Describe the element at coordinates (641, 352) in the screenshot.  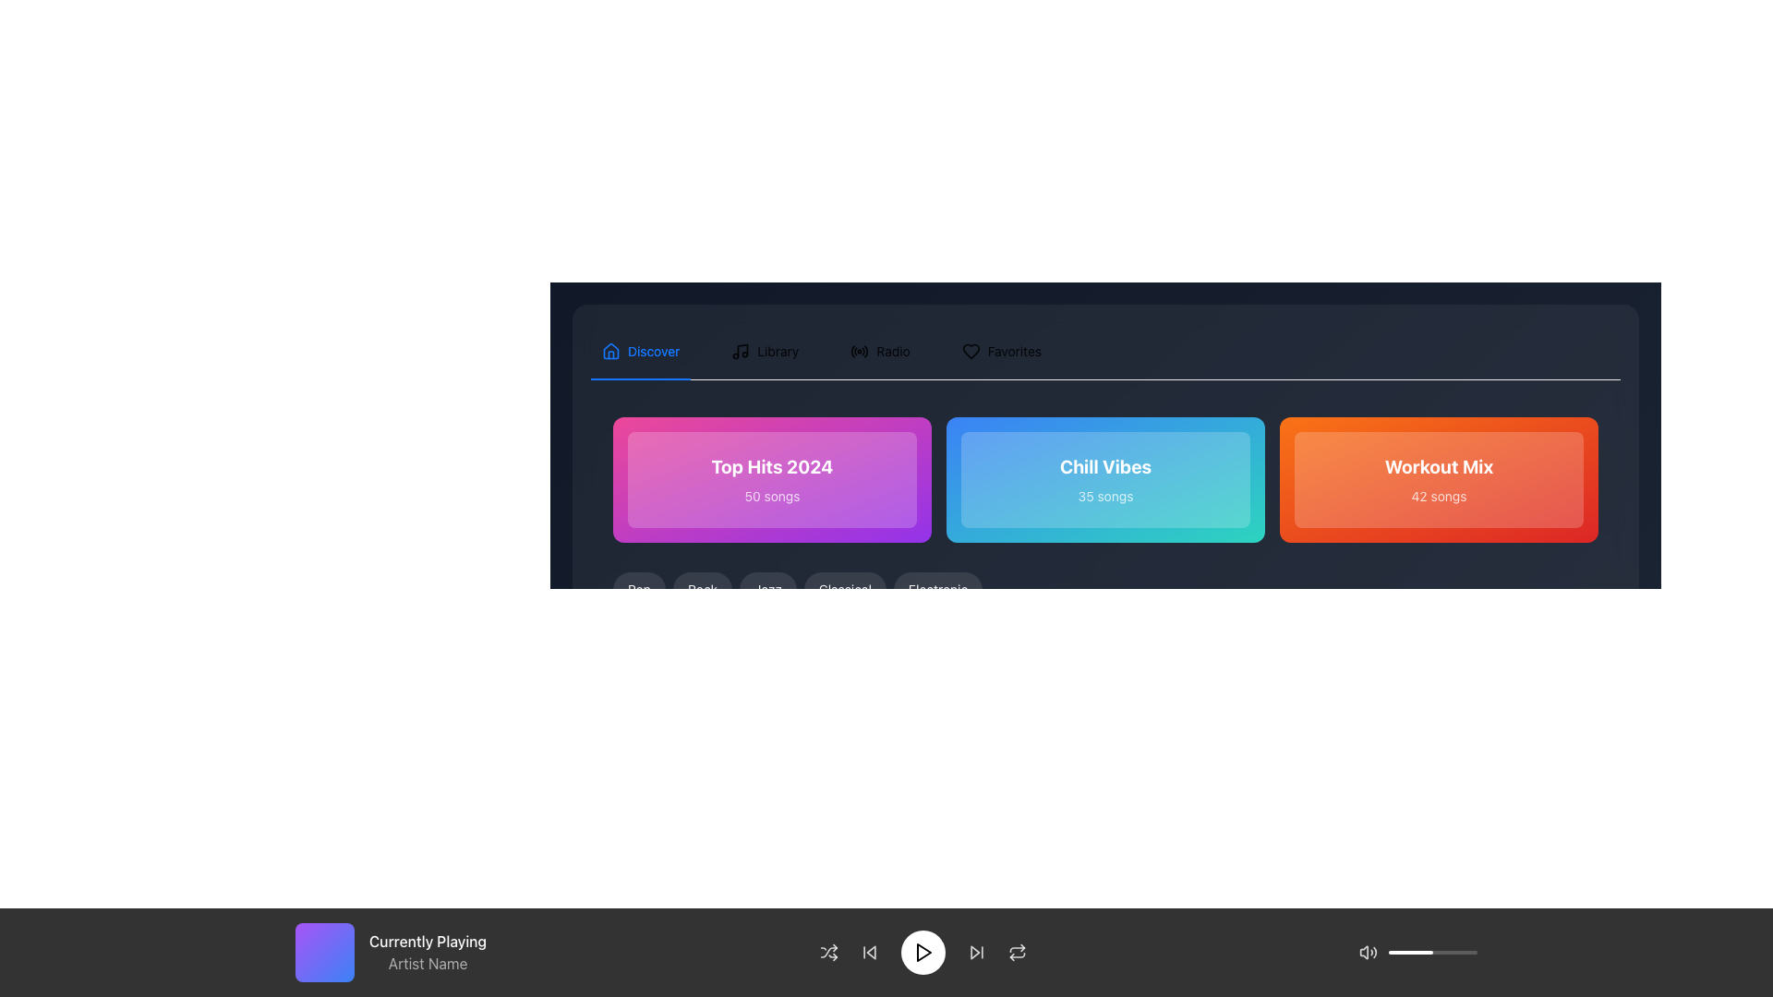
I see `the first tab in the horizontal tab bar that navigates to the 'Discover' section of the application` at that location.